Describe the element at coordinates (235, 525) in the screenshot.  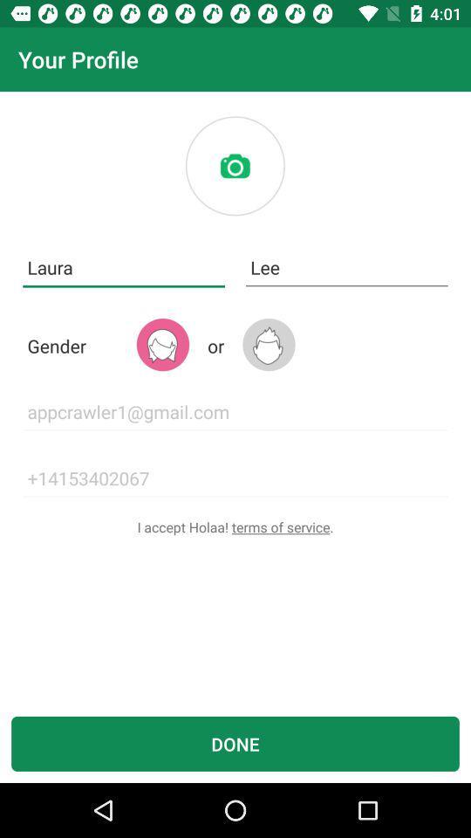
I see `i accept holaa icon` at that location.